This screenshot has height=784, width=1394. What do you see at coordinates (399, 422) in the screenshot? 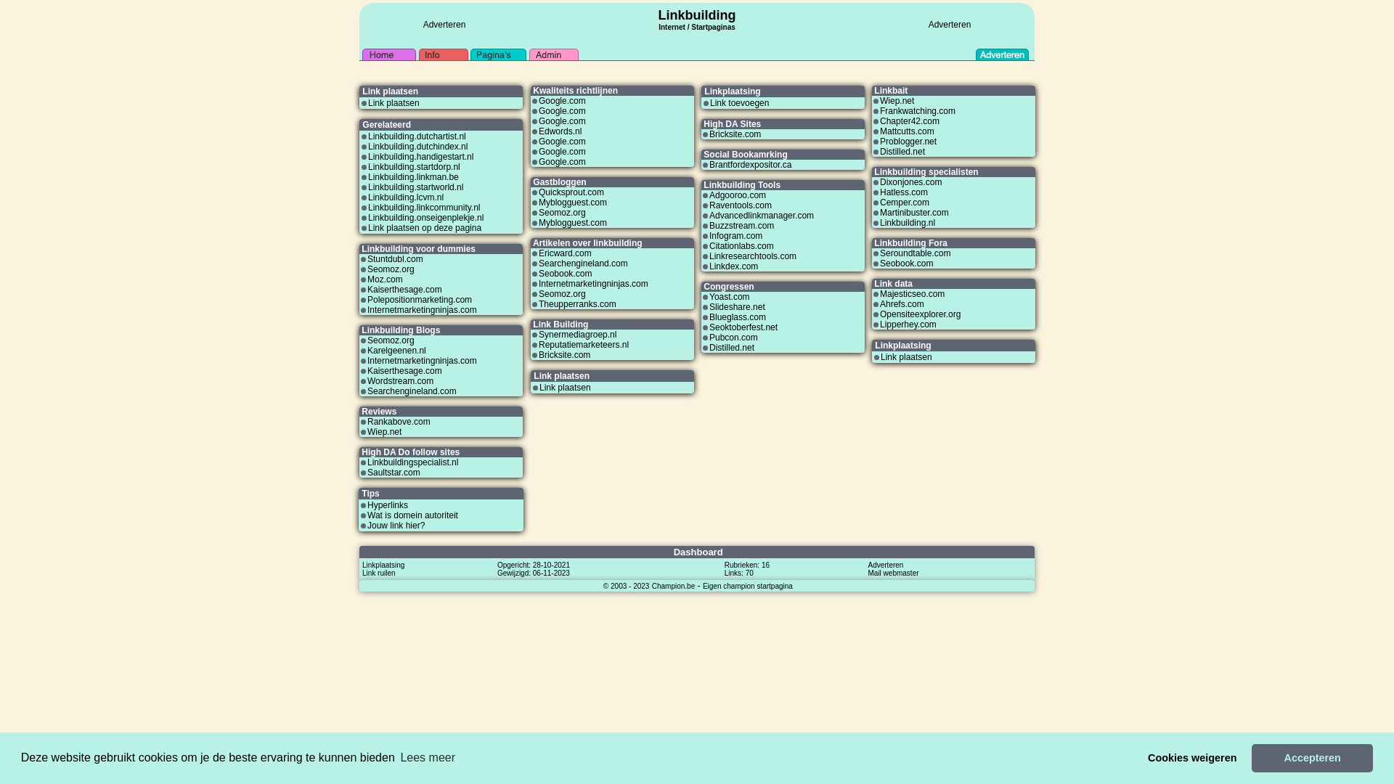
I see `'Rankabove.com'` at bounding box center [399, 422].